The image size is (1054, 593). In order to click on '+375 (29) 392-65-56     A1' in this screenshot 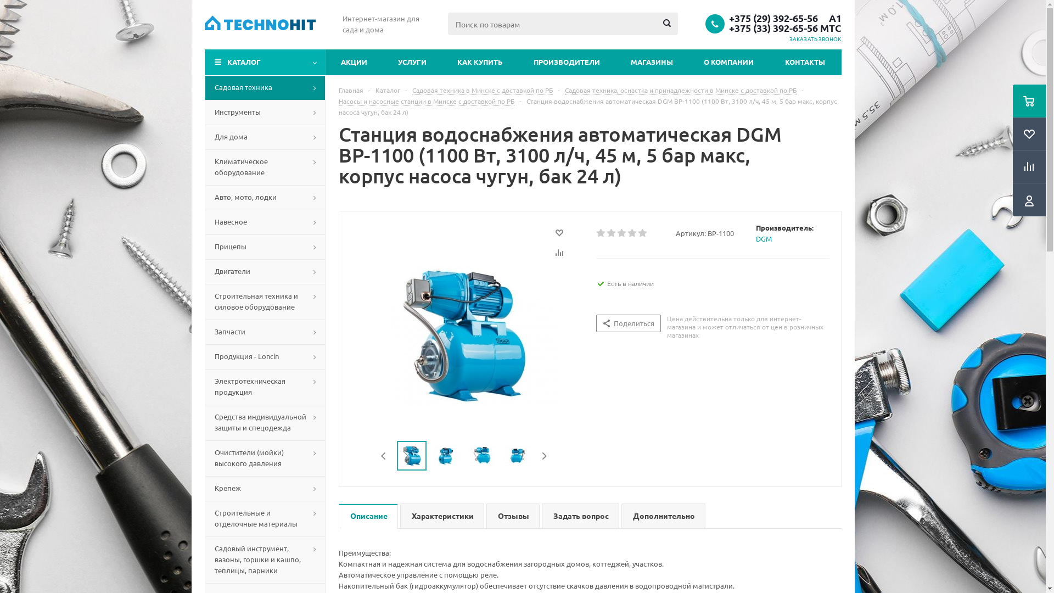, I will do `click(784, 18)`.